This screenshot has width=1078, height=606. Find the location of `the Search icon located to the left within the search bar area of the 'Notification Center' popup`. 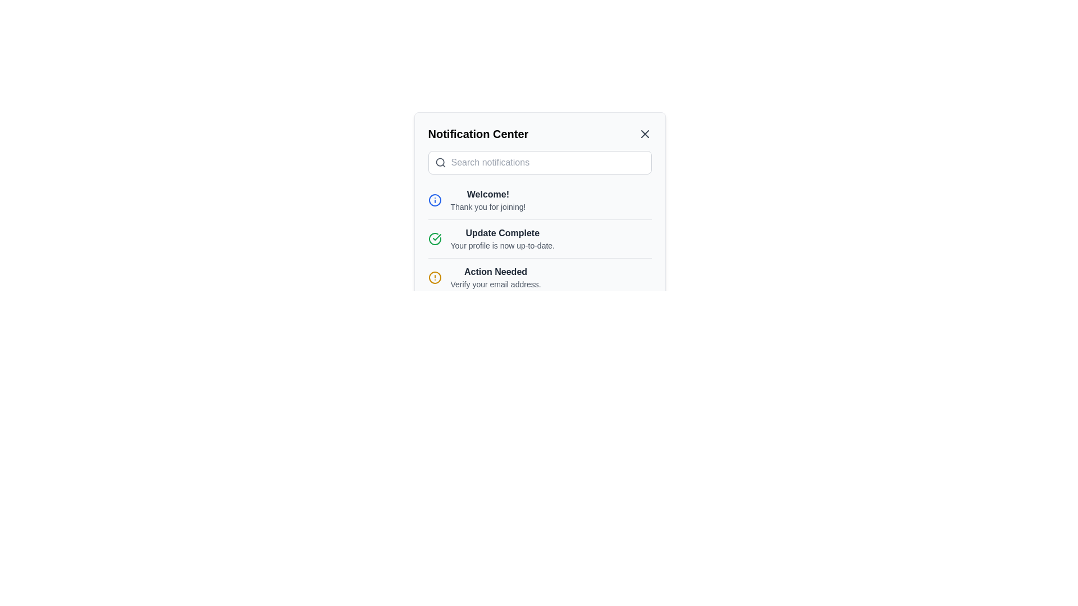

the Search icon located to the left within the search bar area of the 'Notification Center' popup is located at coordinates (440, 162).